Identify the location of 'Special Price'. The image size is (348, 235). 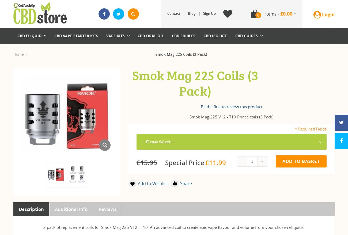
(184, 162).